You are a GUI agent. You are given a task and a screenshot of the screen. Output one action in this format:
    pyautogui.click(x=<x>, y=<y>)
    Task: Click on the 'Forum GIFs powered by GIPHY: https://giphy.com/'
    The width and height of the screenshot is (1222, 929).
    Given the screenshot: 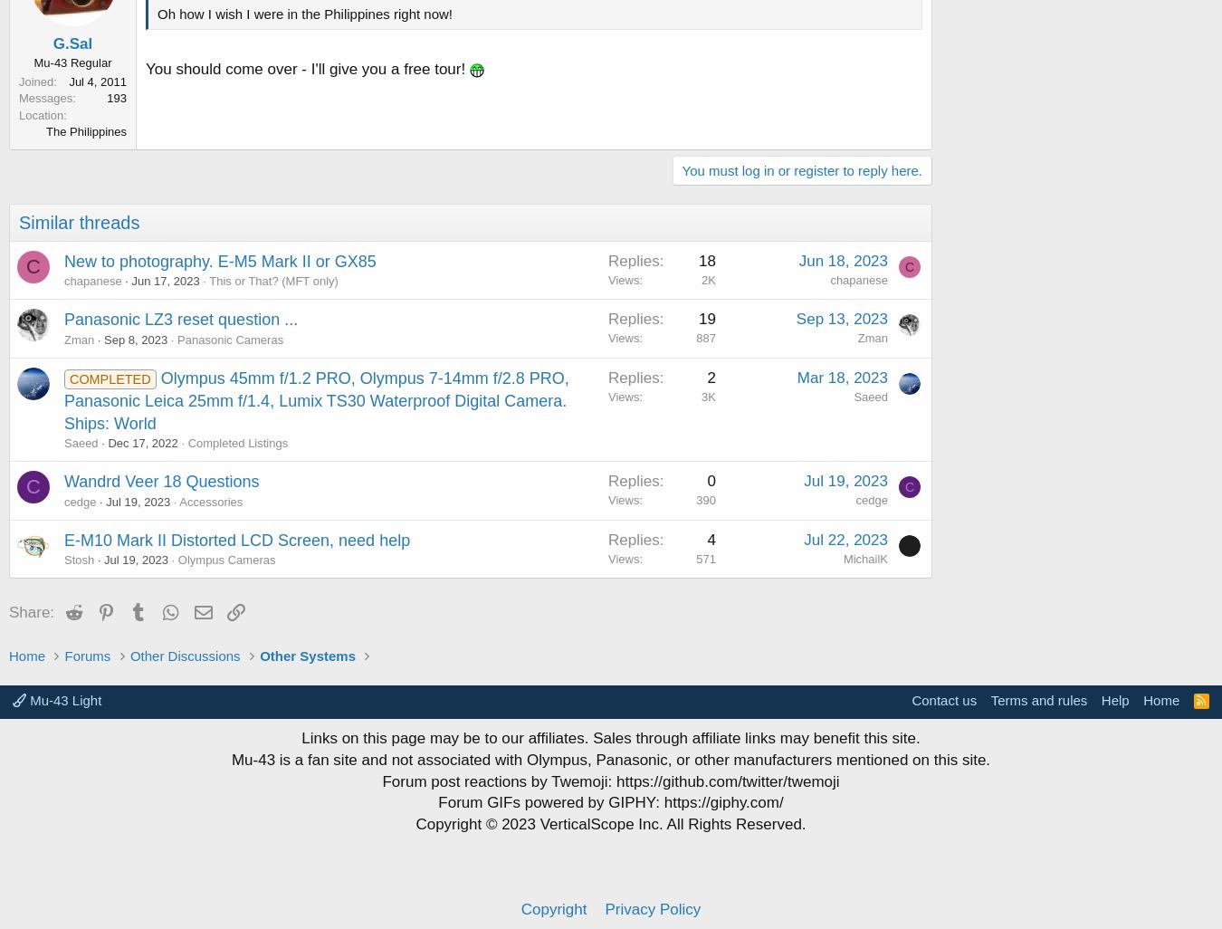 What is the action you would take?
    pyautogui.click(x=610, y=801)
    